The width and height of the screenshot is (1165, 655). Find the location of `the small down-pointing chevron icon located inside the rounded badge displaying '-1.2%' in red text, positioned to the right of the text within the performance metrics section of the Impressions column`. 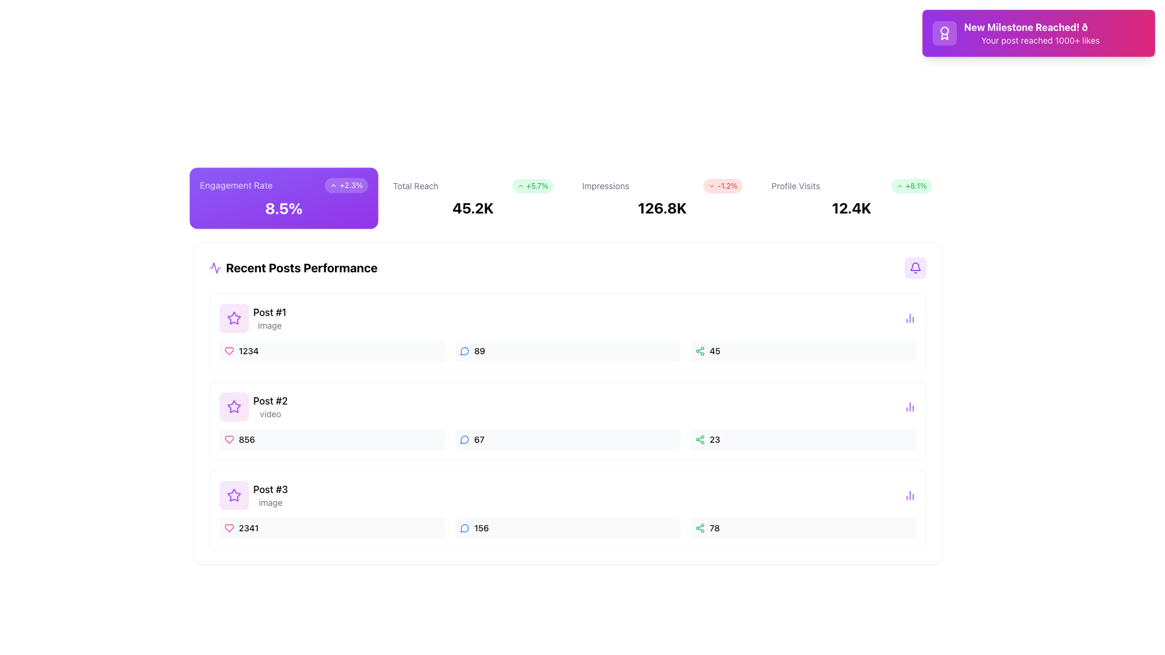

the small down-pointing chevron icon located inside the rounded badge displaying '-1.2%' in red text, positioned to the right of the text within the performance metrics section of the Impressions column is located at coordinates (711, 186).